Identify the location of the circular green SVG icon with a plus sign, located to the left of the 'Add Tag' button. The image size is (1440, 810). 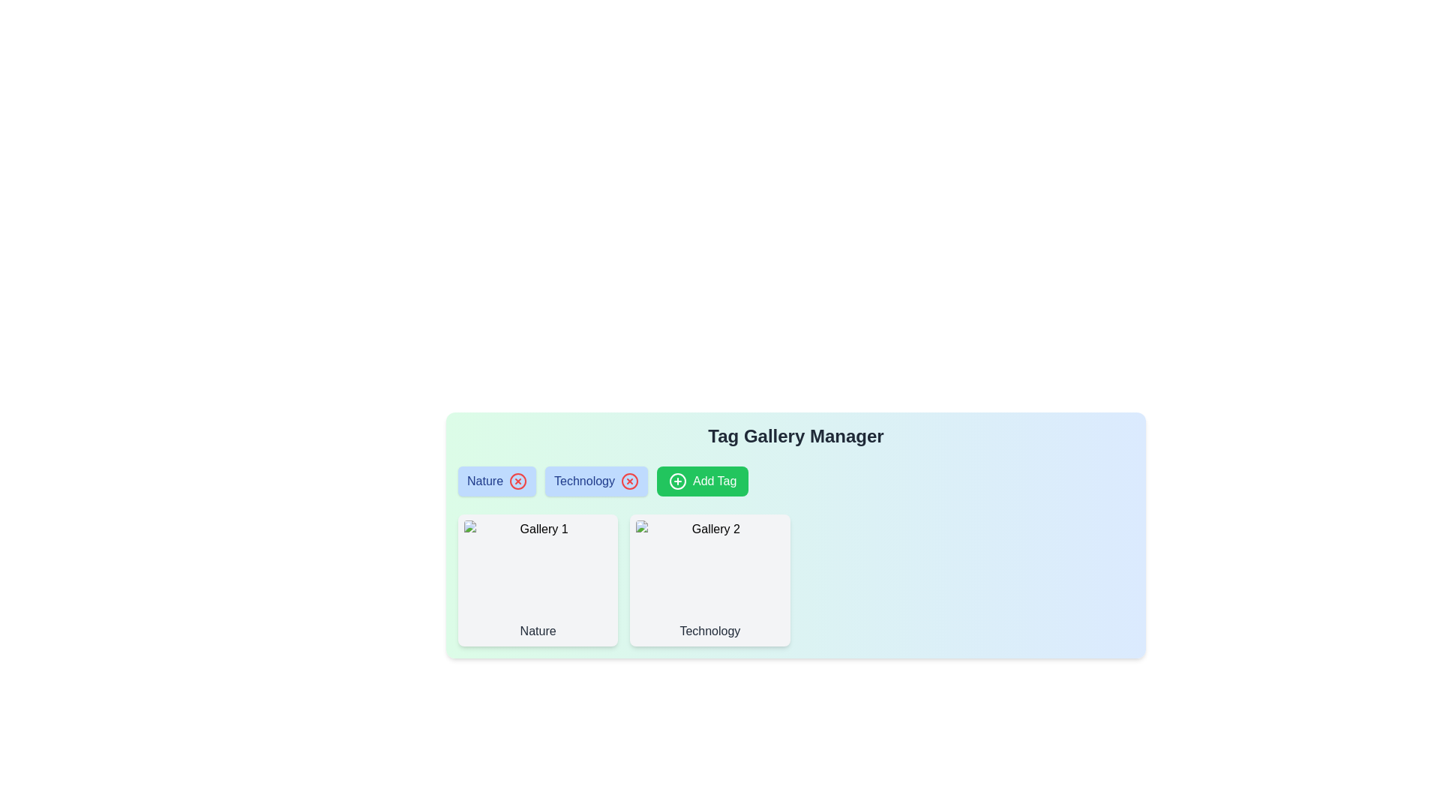
(676, 481).